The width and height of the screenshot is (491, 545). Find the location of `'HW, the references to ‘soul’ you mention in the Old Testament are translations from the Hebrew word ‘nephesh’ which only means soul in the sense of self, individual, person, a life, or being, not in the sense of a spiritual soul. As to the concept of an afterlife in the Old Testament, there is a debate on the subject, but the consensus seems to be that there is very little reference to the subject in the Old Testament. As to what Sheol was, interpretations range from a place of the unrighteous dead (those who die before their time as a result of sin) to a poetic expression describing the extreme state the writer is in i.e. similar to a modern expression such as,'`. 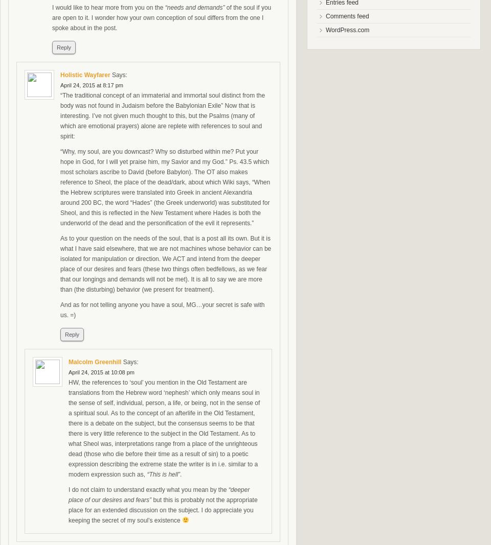

'HW, the references to ‘soul’ you mention in the Old Testament are translations from the Hebrew word ‘nephesh’ which only means soul in the sense of self, individual, person, a life, or being, not in the sense of a spiritual soul. As to the concept of an afterlife in the Old Testament, there is a debate on the subject, but the consensus seems to be that there is very little reference to the subject in the Old Testament. As to what Sheol was, interpretations range from a place of the unrighteous dead (those who die before their time as a result of sin) to a poetic expression describing the extreme state the writer is in i.e. similar to a modern expression such as,' is located at coordinates (164, 428).